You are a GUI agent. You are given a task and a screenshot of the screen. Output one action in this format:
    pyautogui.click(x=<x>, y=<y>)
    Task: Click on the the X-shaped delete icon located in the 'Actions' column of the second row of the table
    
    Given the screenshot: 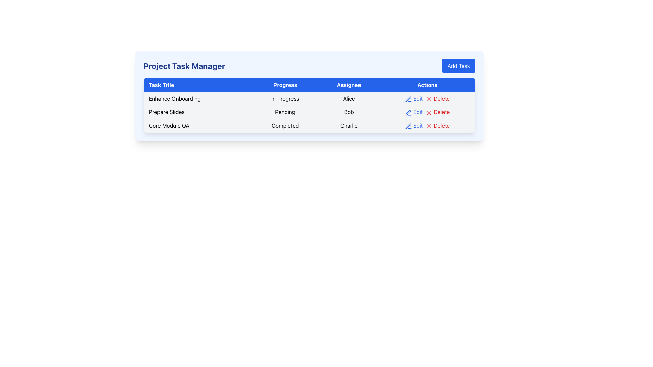 What is the action you would take?
    pyautogui.click(x=429, y=112)
    